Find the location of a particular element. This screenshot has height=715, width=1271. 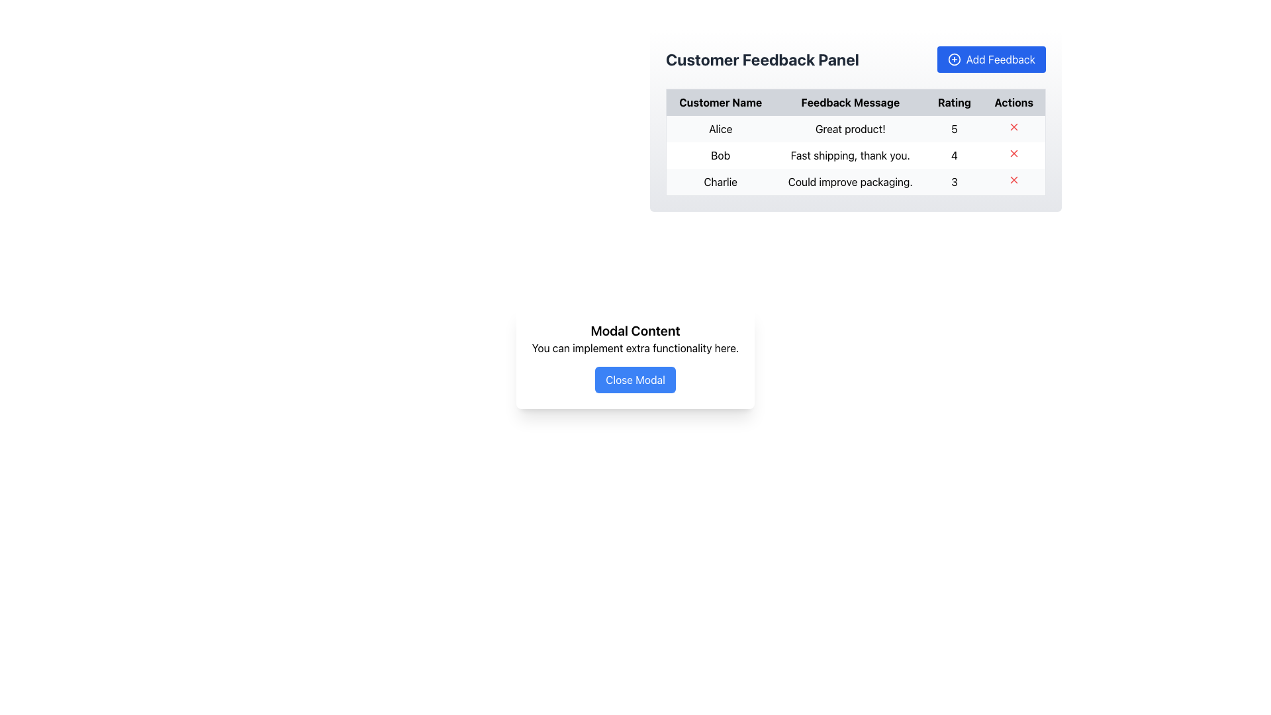

the 'Actions' label, which is the fourth column header in a table, displayed in bold black text on a light gray background is located at coordinates (1013, 101).